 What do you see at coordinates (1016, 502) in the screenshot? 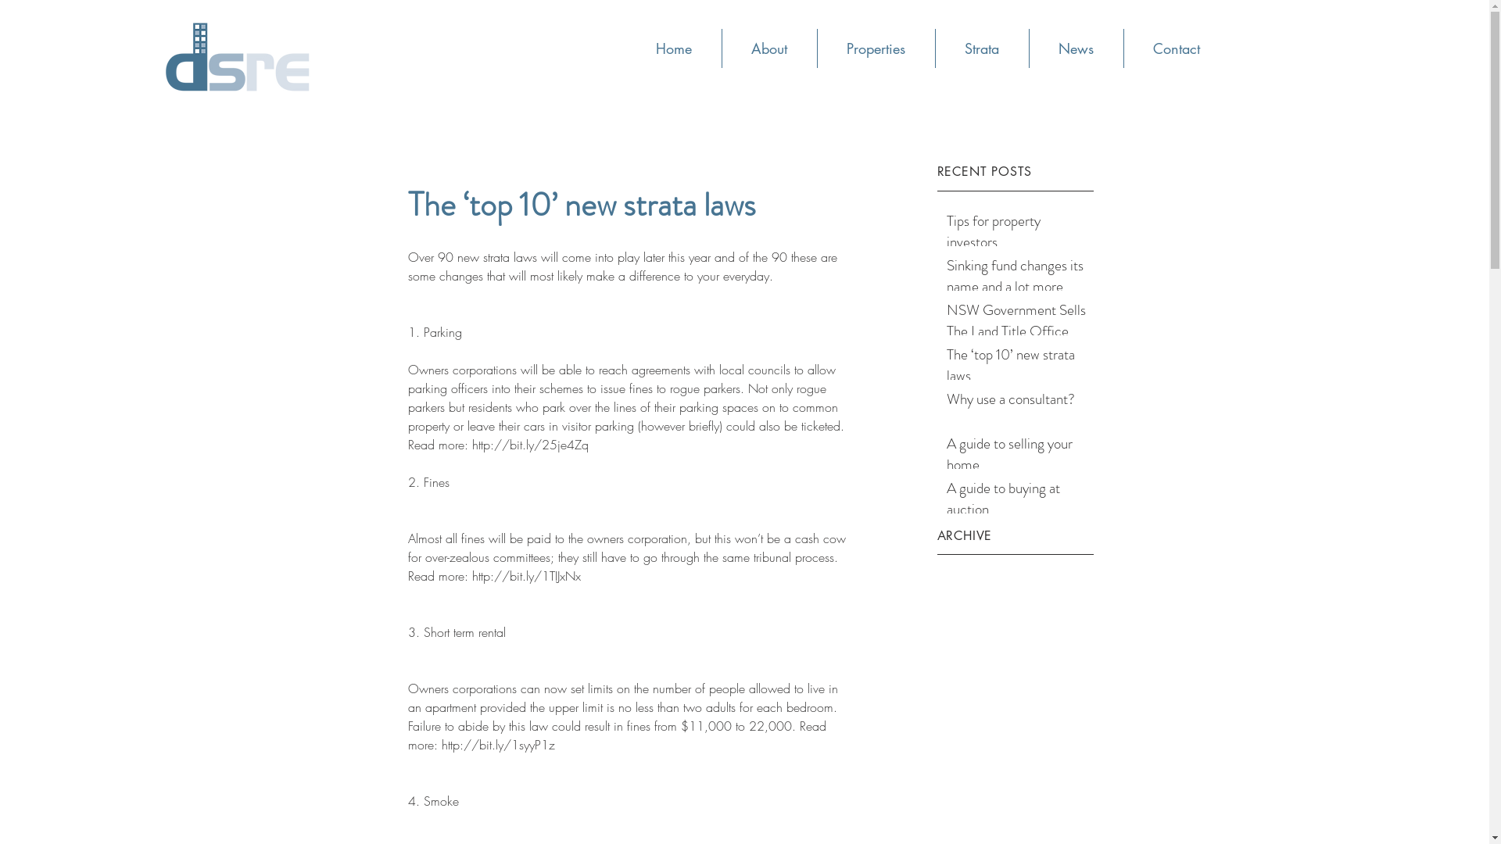
I see `'A guide to buying at auction'` at bounding box center [1016, 502].